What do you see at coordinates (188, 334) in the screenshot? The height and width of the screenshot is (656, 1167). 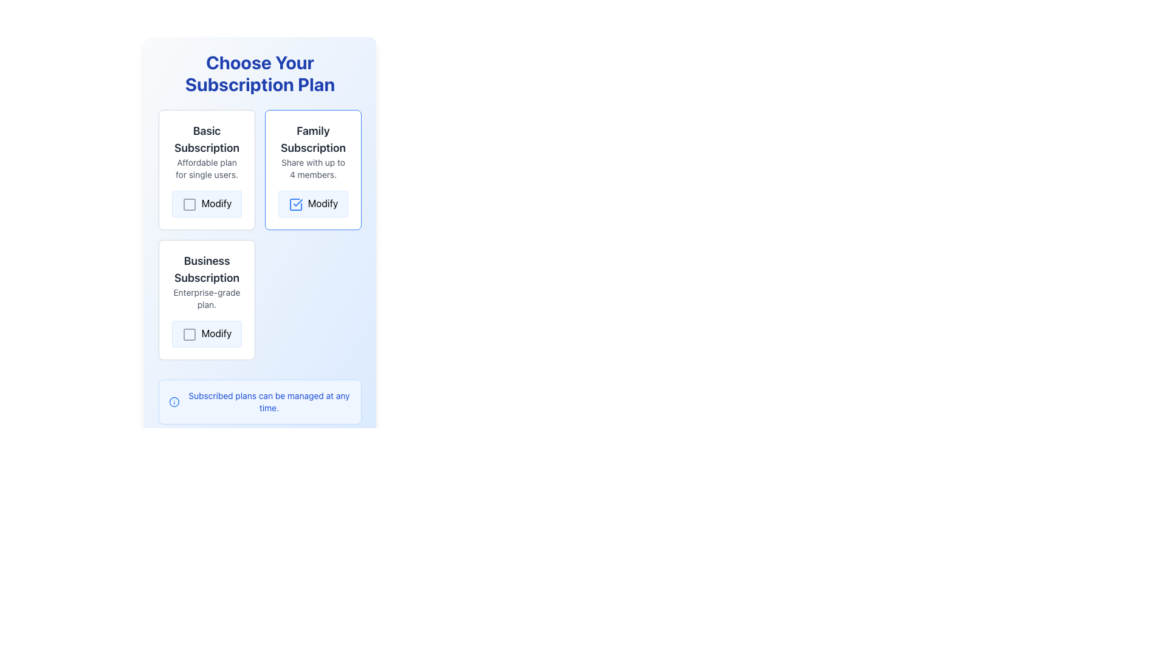 I see `the SVG Icon located in the bottom-left portion of the 'Modify' button for the 'Business Subscription' option` at bounding box center [188, 334].